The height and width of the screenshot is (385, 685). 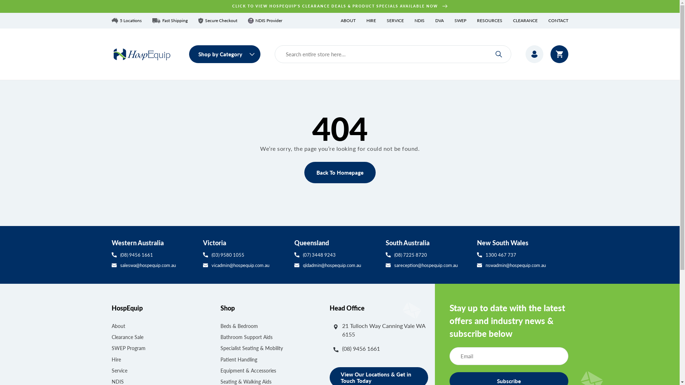 What do you see at coordinates (118, 326) in the screenshot?
I see `'About'` at bounding box center [118, 326].